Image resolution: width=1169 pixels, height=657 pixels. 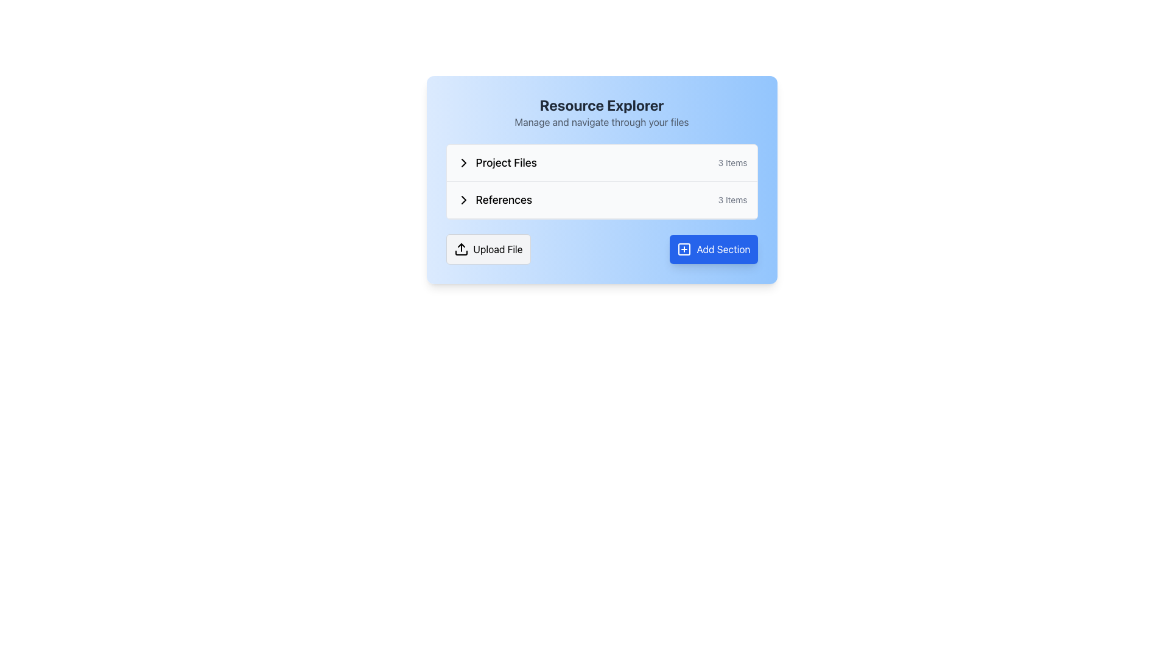 What do you see at coordinates (460, 248) in the screenshot?
I see `the icon within the 'Upload File' button that indicates file uploading, located on the left side of the button before the text 'Upload File'` at bounding box center [460, 248].